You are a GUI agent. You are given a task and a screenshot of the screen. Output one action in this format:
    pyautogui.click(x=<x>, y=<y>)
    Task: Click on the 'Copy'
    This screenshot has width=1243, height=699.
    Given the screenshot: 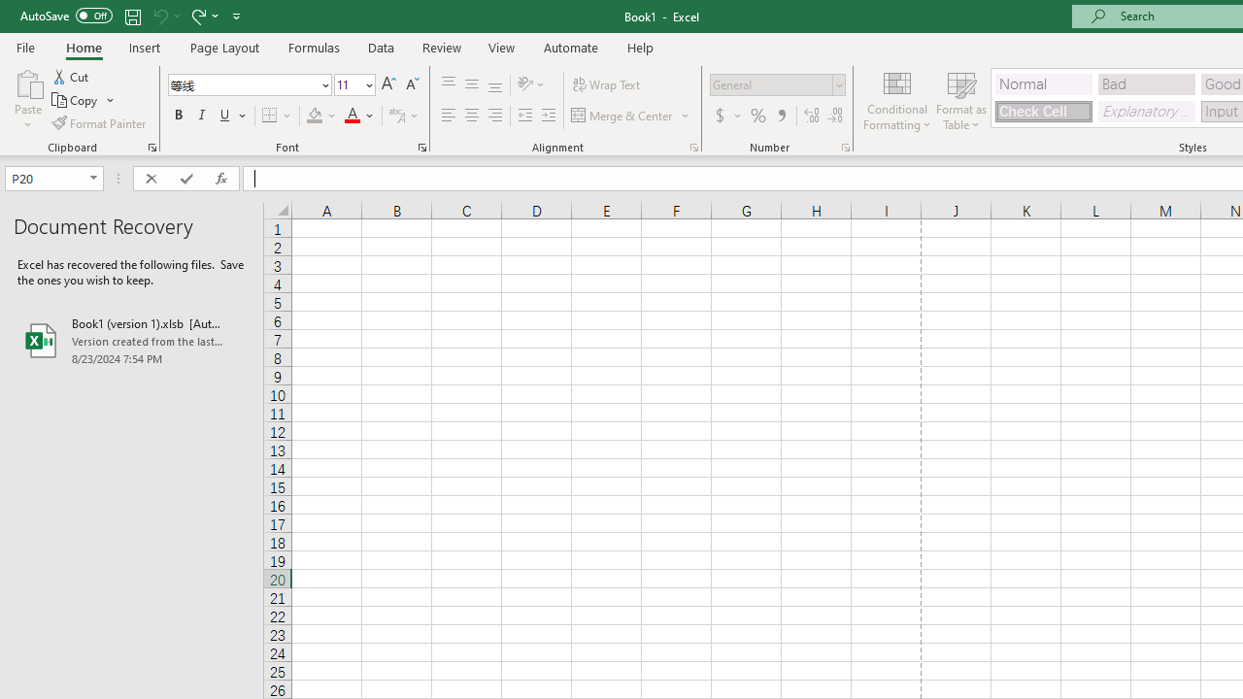 What is the action you would take?
    pyautogui.click(x=76, y=100)
    